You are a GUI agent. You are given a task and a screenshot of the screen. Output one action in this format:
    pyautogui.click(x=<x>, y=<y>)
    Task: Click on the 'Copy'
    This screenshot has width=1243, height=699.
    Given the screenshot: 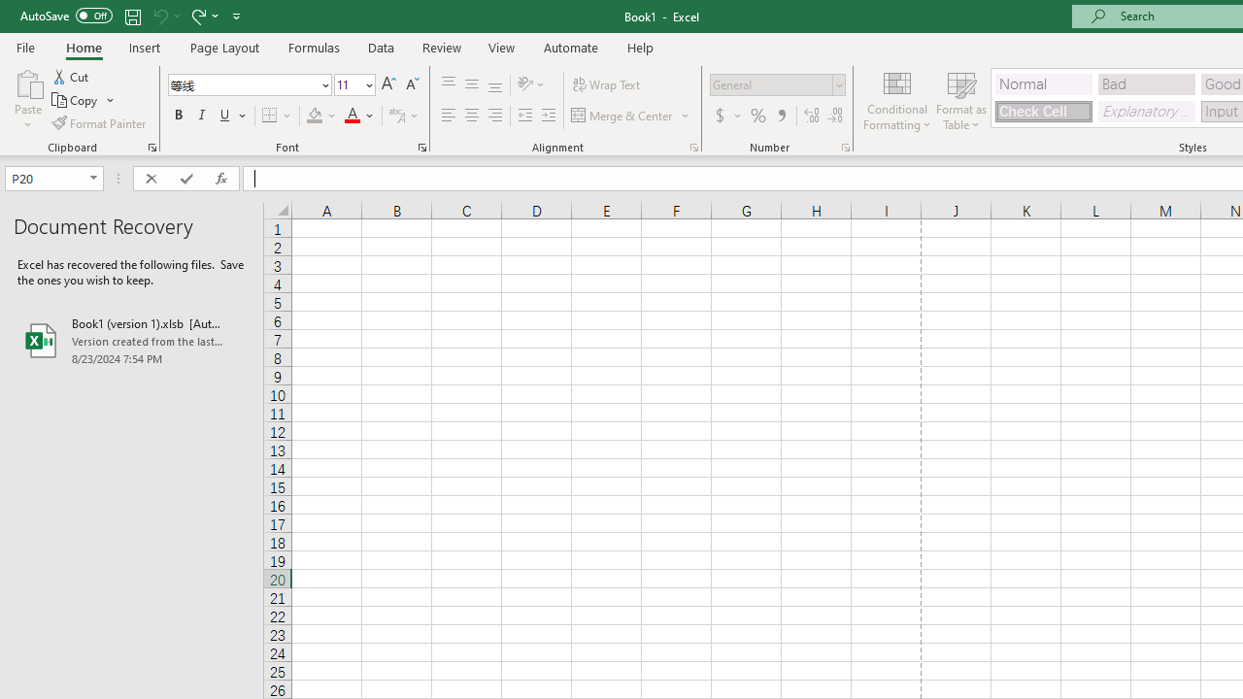 What is the action you would take?
    pyautogui.click(x=76, y=100)
    